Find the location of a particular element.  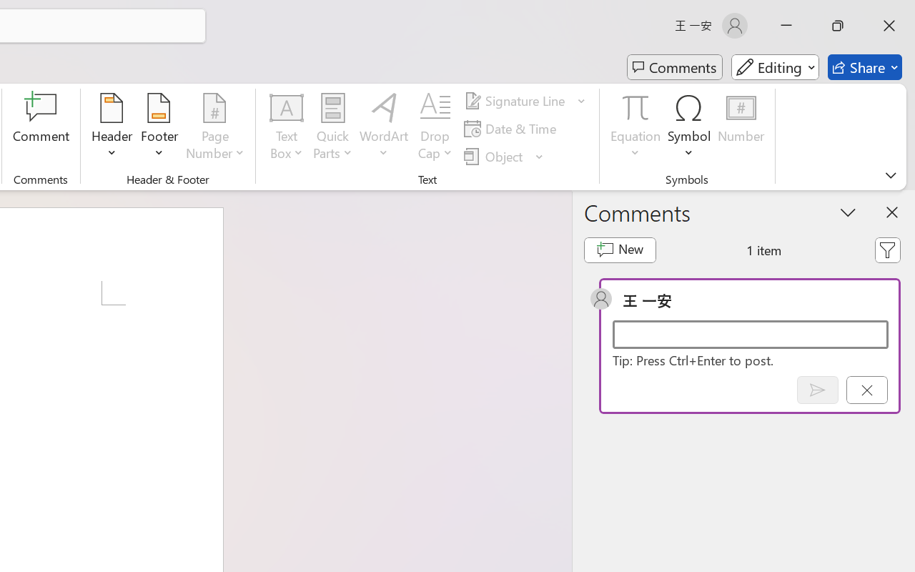

'Equation' is located at coordinates (635, 128).